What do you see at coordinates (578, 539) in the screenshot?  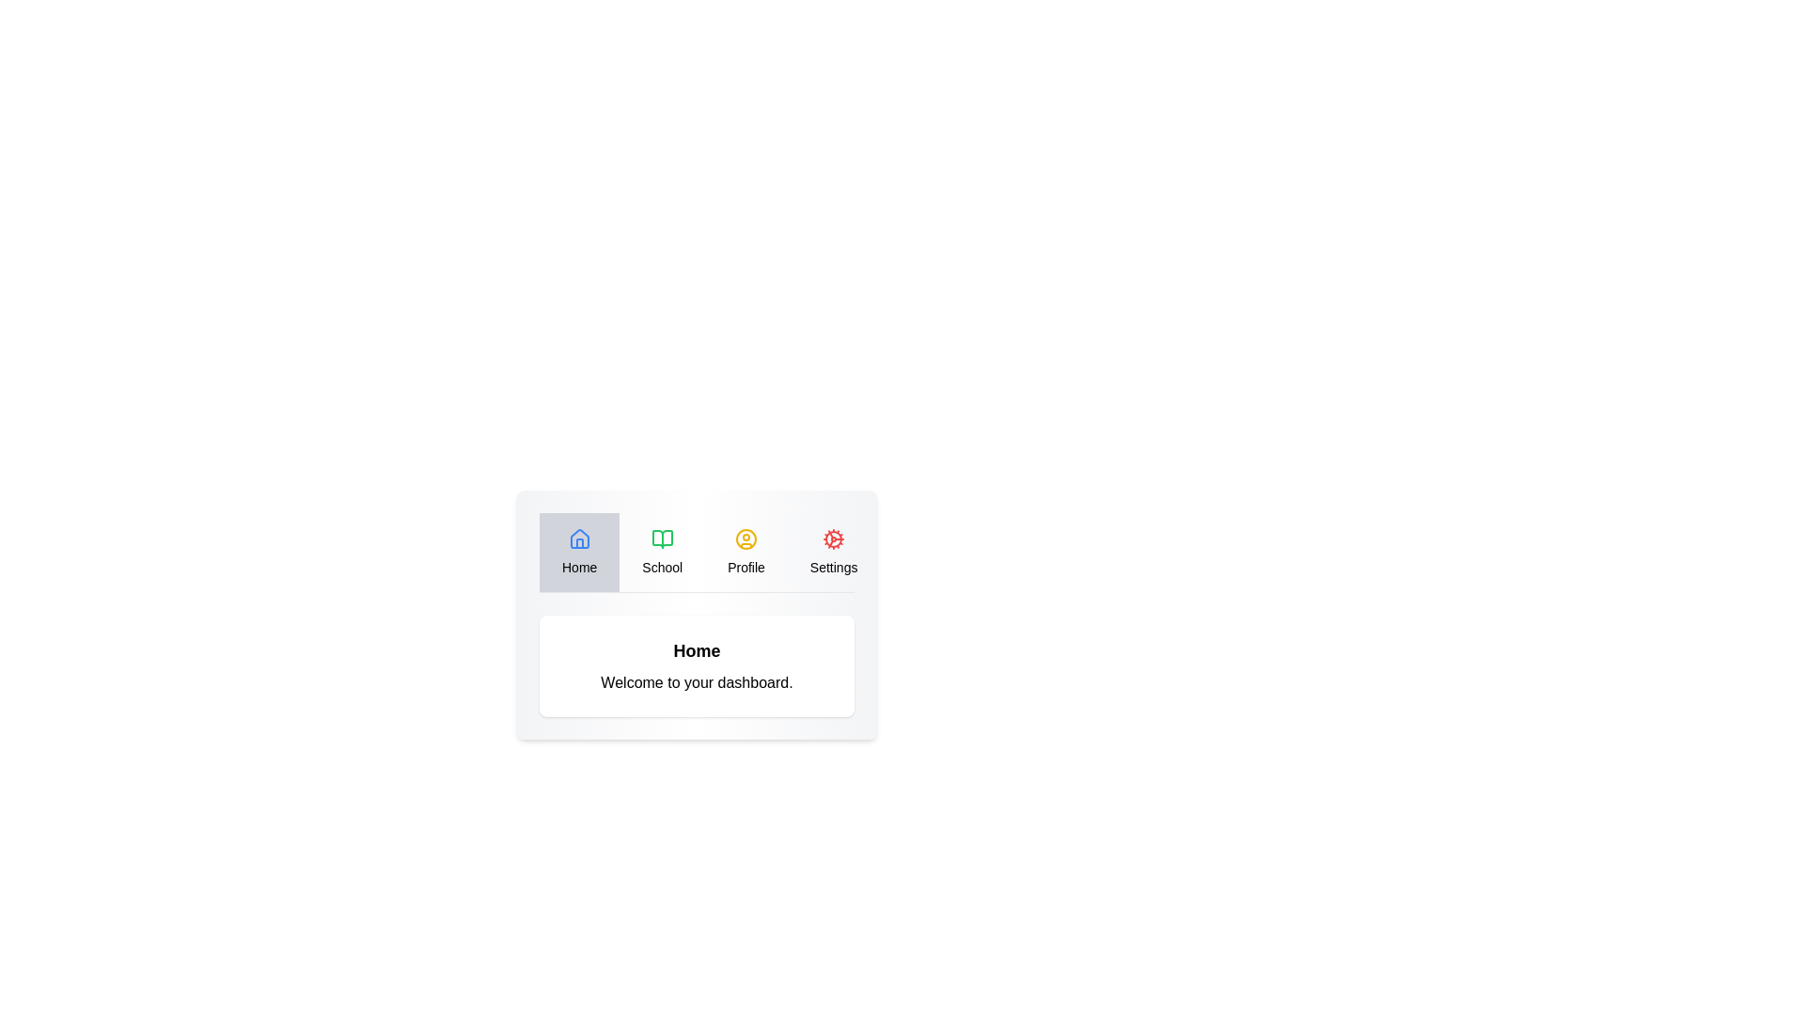 I see `the icon corresponding to the Home tab` at bounding box center [578, 539].